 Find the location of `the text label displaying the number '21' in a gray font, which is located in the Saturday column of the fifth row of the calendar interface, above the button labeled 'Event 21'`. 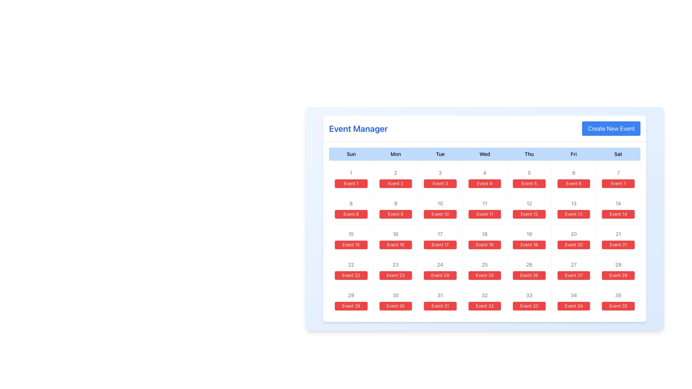

the text label displaying the number '21' in a gray font, which is located in the Saturday column of the fifth row of the calendar interface, above the button labeled 'Event 21' is located at coordinates (618, 234).